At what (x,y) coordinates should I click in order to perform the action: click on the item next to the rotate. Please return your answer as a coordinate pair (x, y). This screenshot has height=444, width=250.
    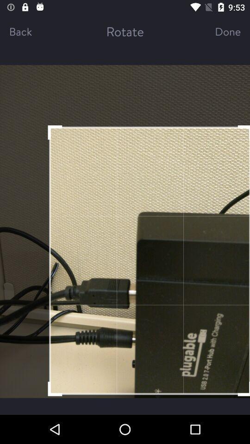
    Looking at the image, I should click on (30, 31).